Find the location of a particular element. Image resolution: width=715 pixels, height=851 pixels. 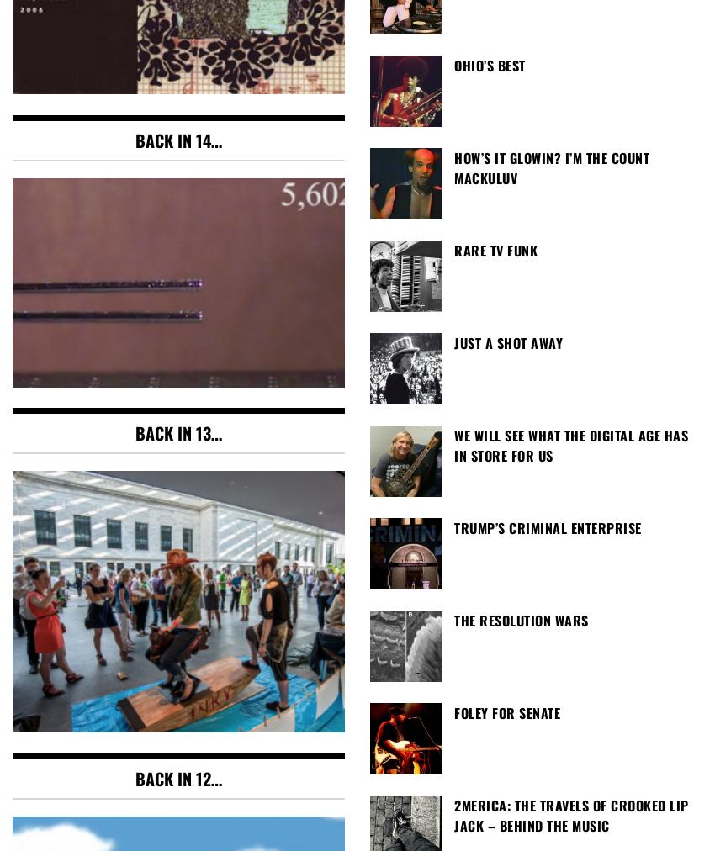

'The Resolution Wars' is located at coordinates (520, 620).